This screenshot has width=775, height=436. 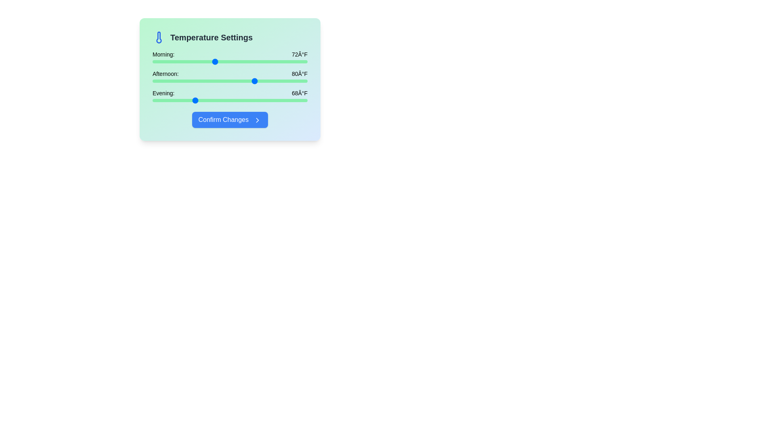 What do you see at coordinates (183, 100) in the screenshot?
I see `the evening temperature slider to 66°F` at bounding box center [183, 100].